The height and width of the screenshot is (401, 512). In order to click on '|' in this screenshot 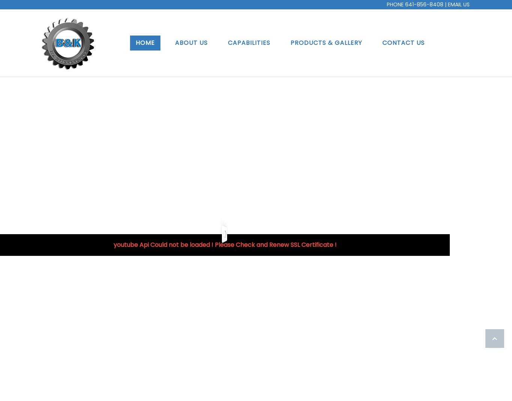, I will do `click(445, 4)`.